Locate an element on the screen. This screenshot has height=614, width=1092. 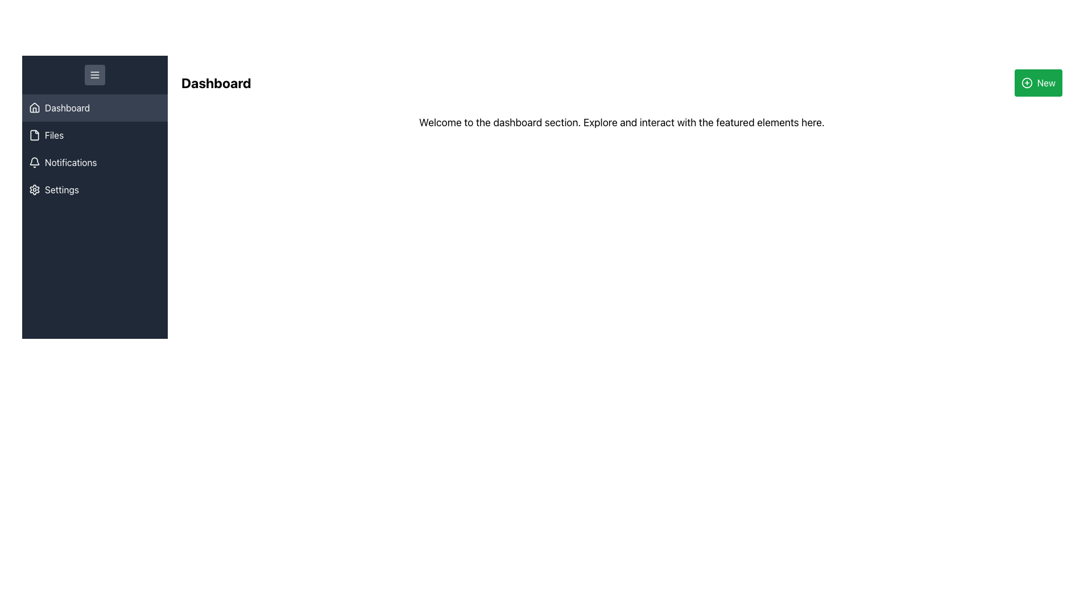
the second item in the vertical navigation menu, located below the 'Dashboard' and above 'Notifications' is located at coordinates (95, 135).